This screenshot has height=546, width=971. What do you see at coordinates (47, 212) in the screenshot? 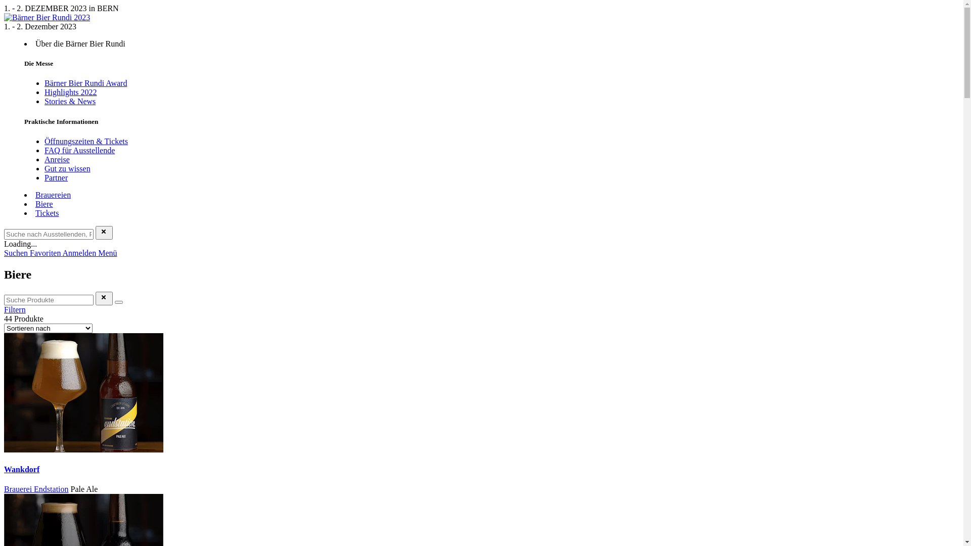
I see `'Tickets'` at bounding box center [47, 212].